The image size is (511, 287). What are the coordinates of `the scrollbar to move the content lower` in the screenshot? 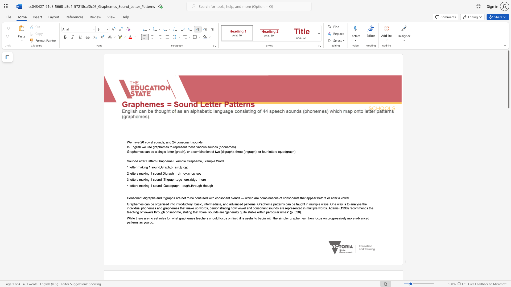 It's located at (508, 173).